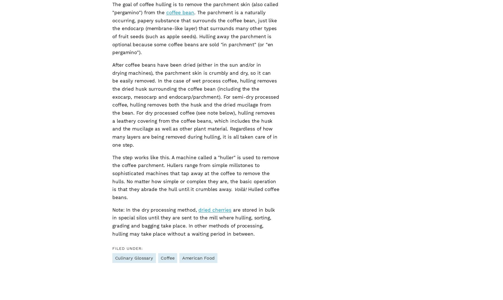 Image resolution: width=503 pixels, height=300 pixels. I want to click on 'American Food', so click(198, 257).